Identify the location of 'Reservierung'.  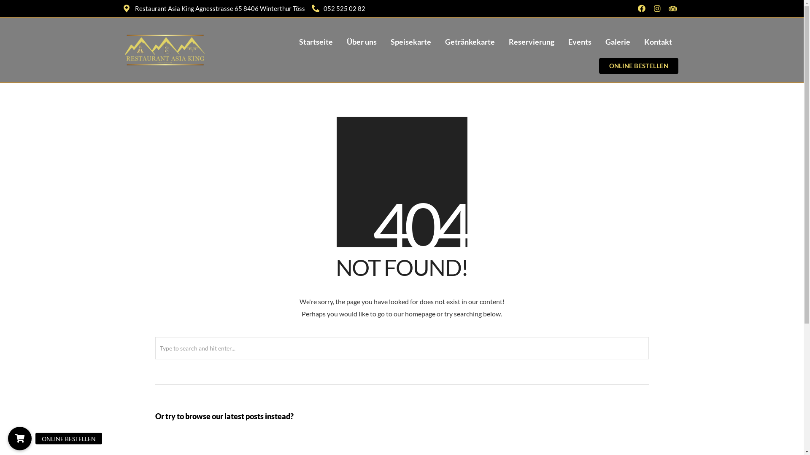
(506, 42).